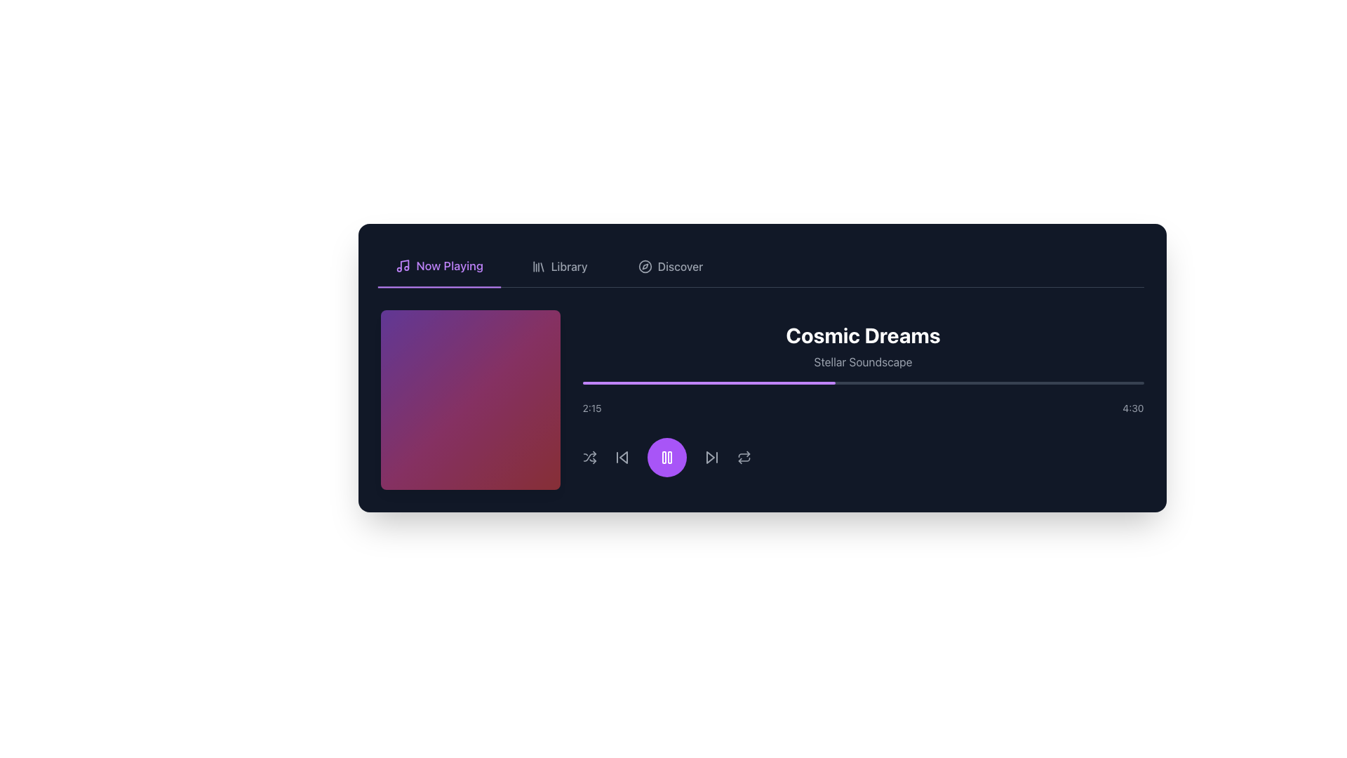  I want to click on the time indicator text label located in the bottom-right corner of the layout, which serves as a playback duration indicator, so click(1133, 408).